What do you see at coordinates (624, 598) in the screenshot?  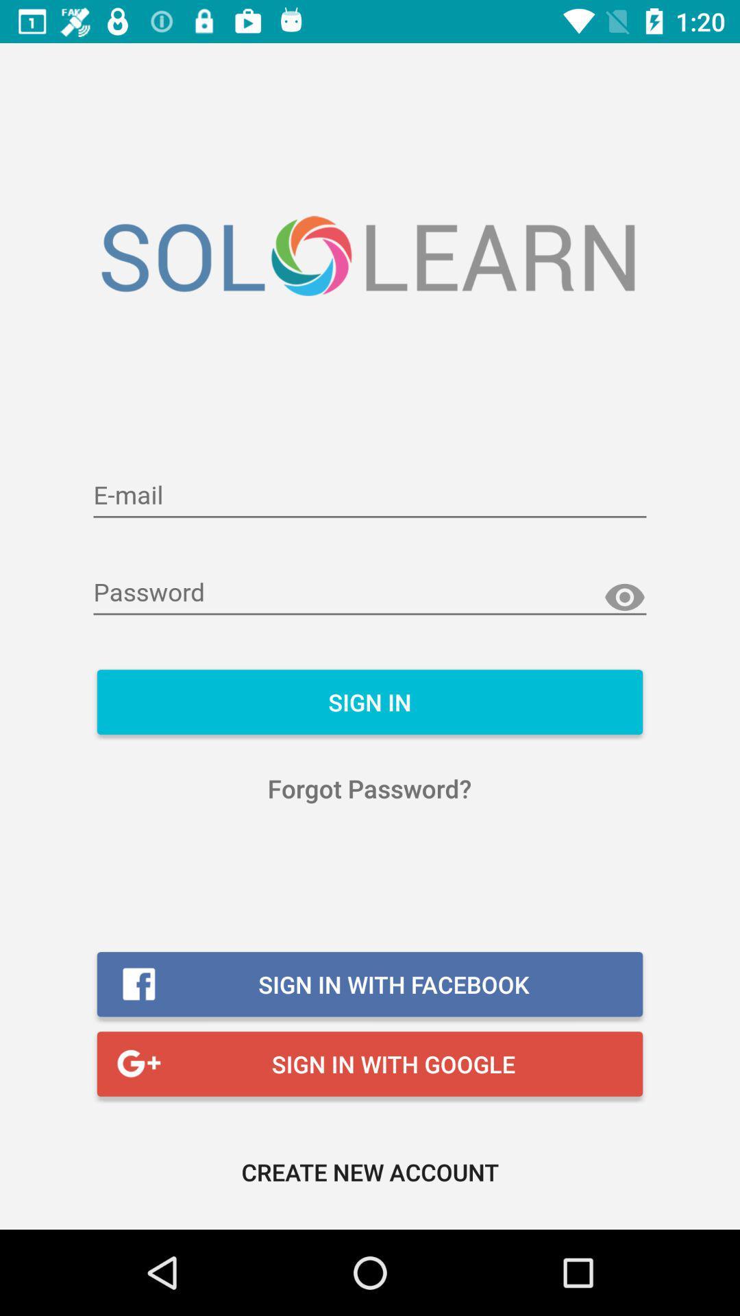 I see `show password` at bounding box center [624, 598].